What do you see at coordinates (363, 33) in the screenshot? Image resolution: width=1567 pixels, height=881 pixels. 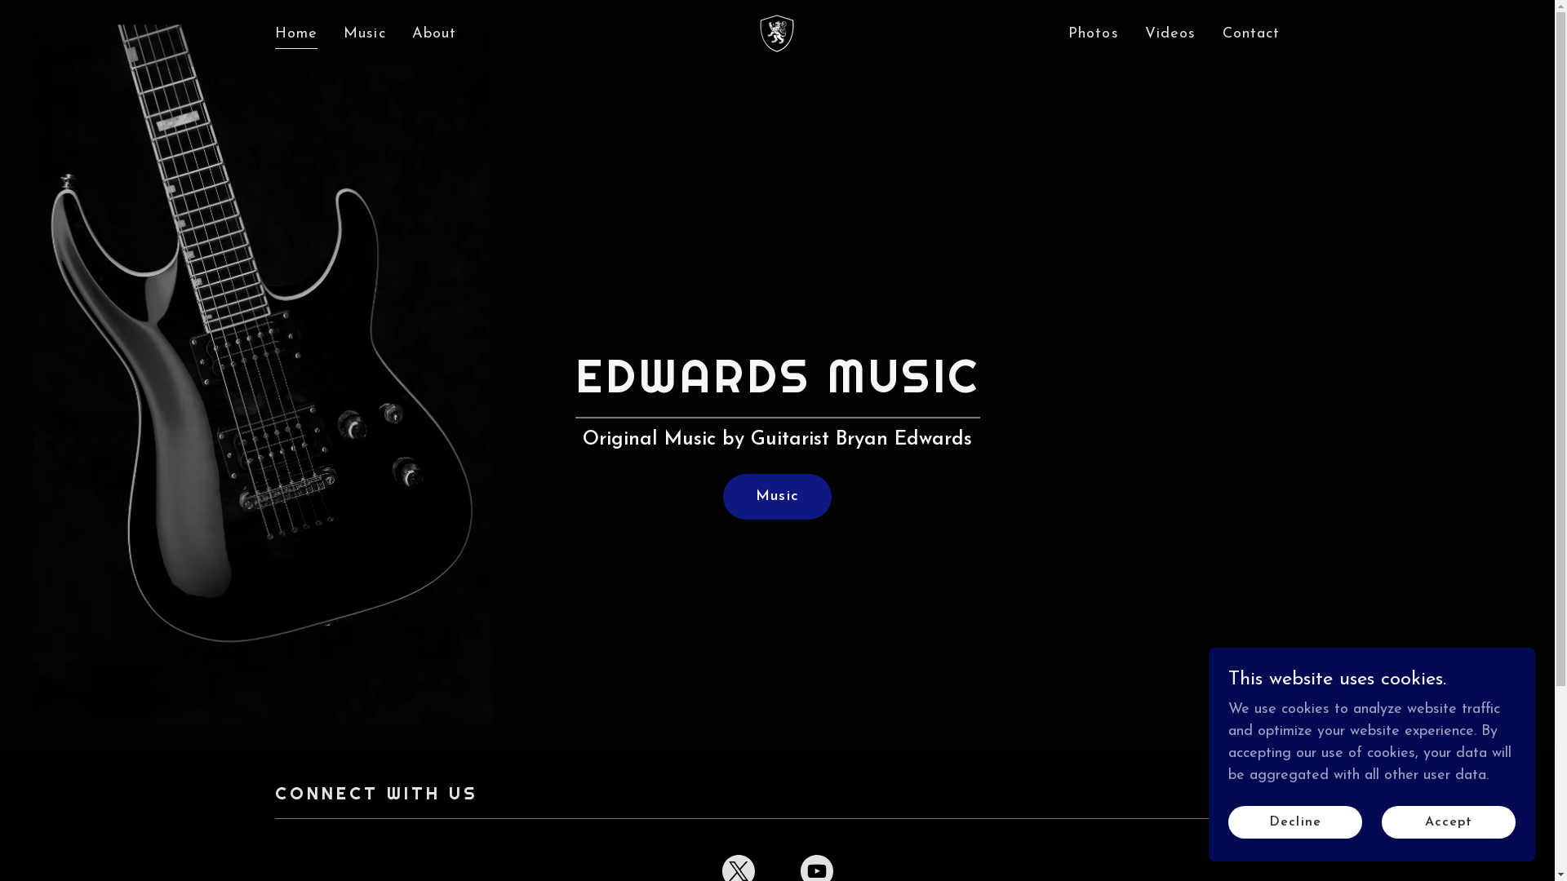 I see `'Music'` at bounding box center [363, 33].